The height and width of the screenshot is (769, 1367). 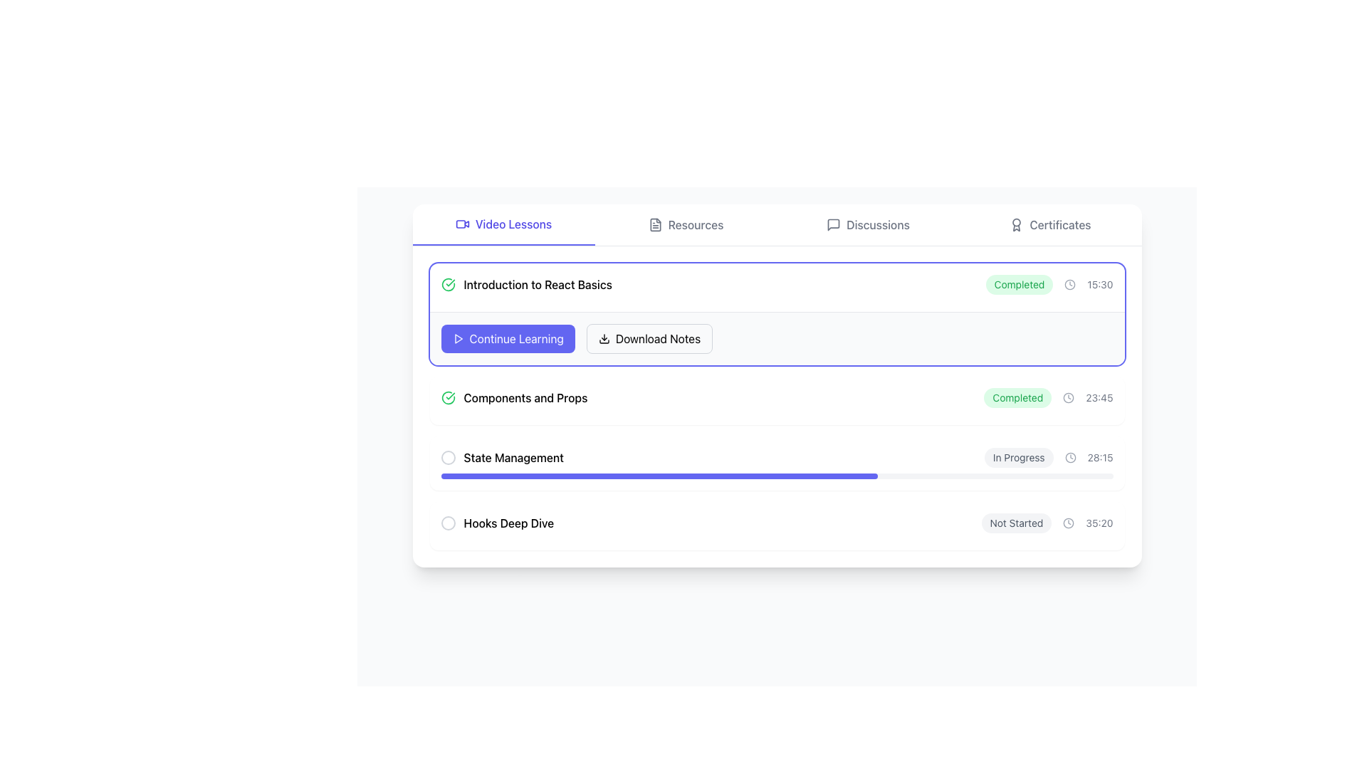 I want to click on the small download icon that represents an arrow pointing downwards into a box, located to the left of the 'Download Notes' text, within a rounded rectangle button, so click(x=604, y=338).